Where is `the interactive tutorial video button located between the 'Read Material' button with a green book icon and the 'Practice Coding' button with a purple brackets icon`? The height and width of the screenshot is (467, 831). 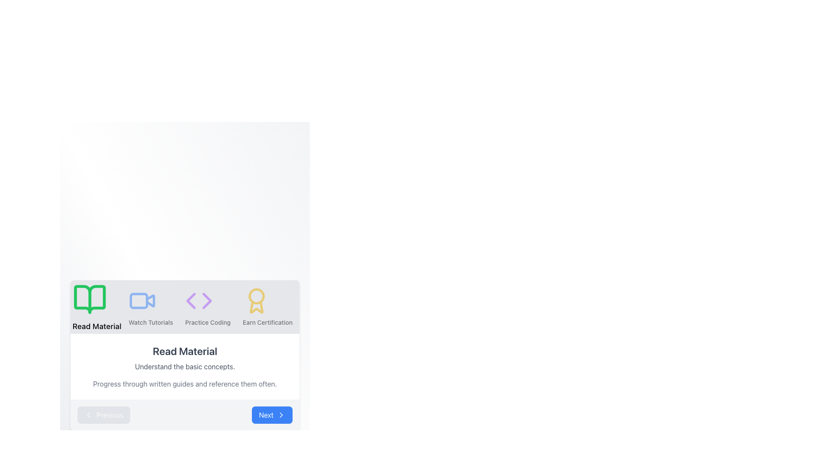
the interactive tutorial video button located between the 'Read Material' button with a green book icon and the 'Practice Coding' button with a purple brackets icon is located at coordinates (151, 306).